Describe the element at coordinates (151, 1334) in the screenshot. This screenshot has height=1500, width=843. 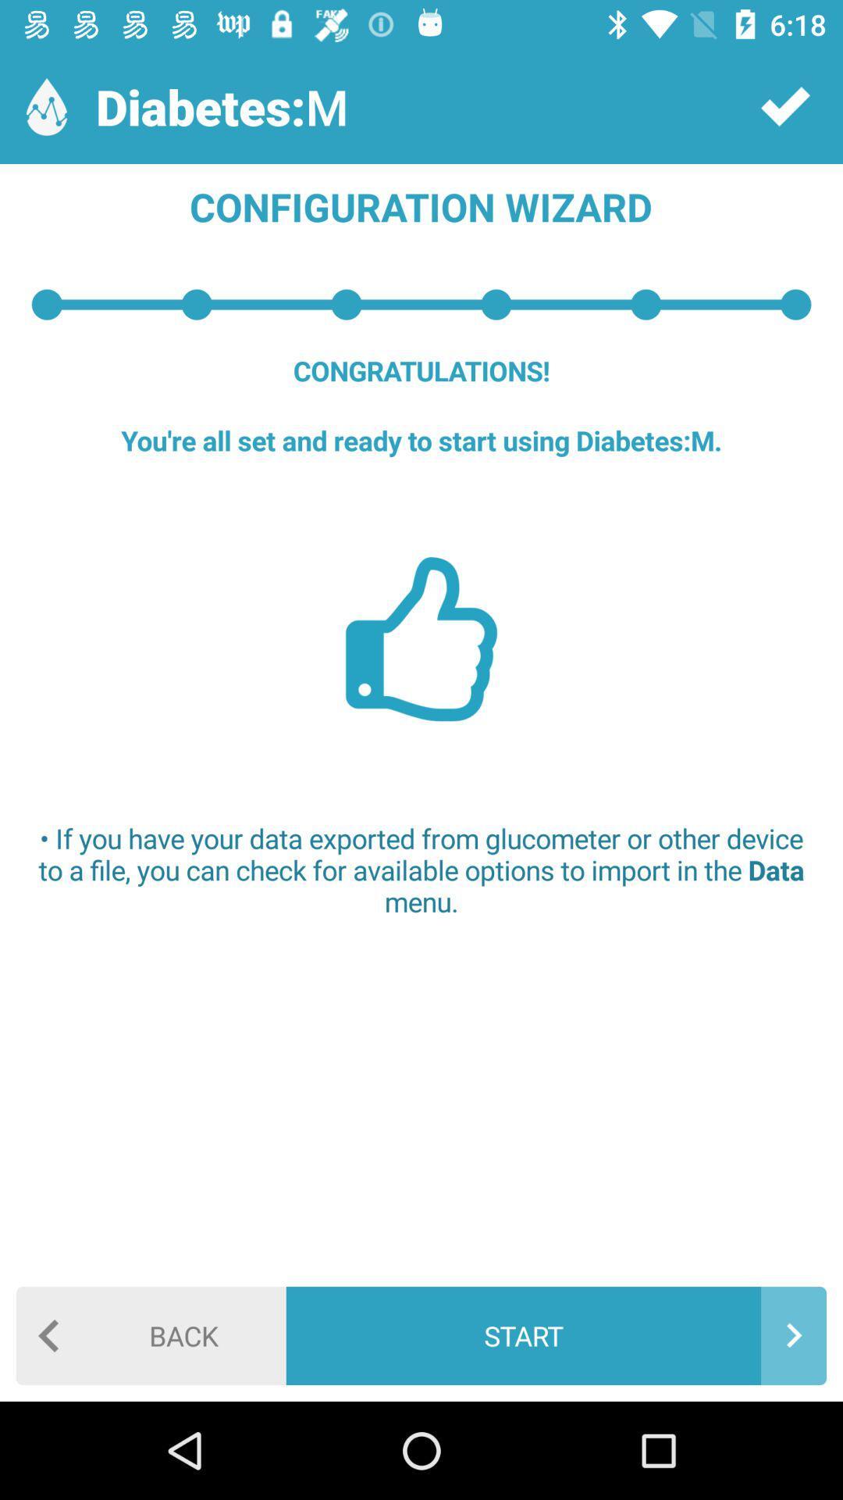
I see `item next to the start` at that location.